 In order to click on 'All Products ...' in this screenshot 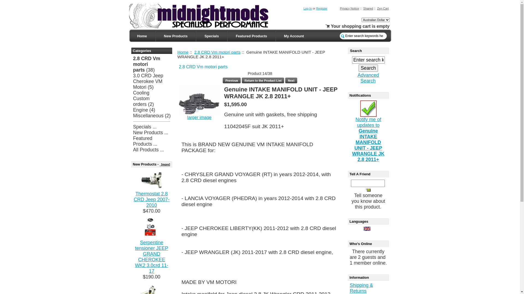, I will do `click(148, 150)`.